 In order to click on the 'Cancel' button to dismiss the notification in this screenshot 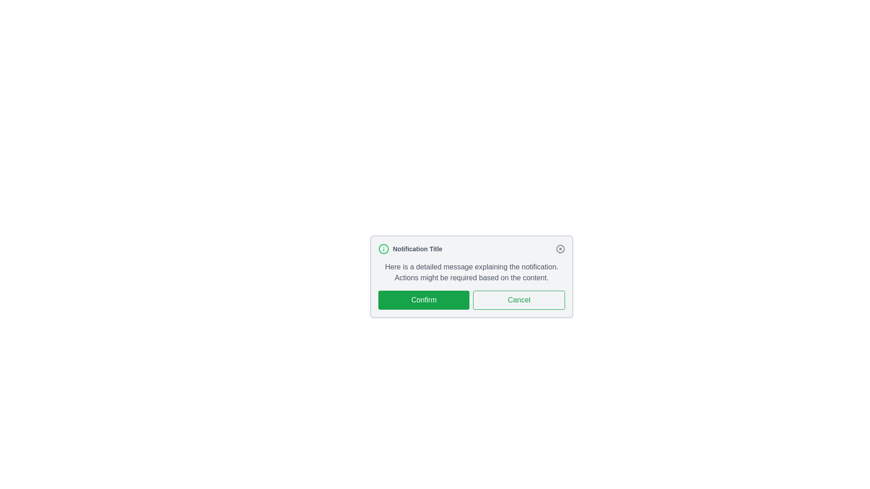, I will do `click(519, 300)`.